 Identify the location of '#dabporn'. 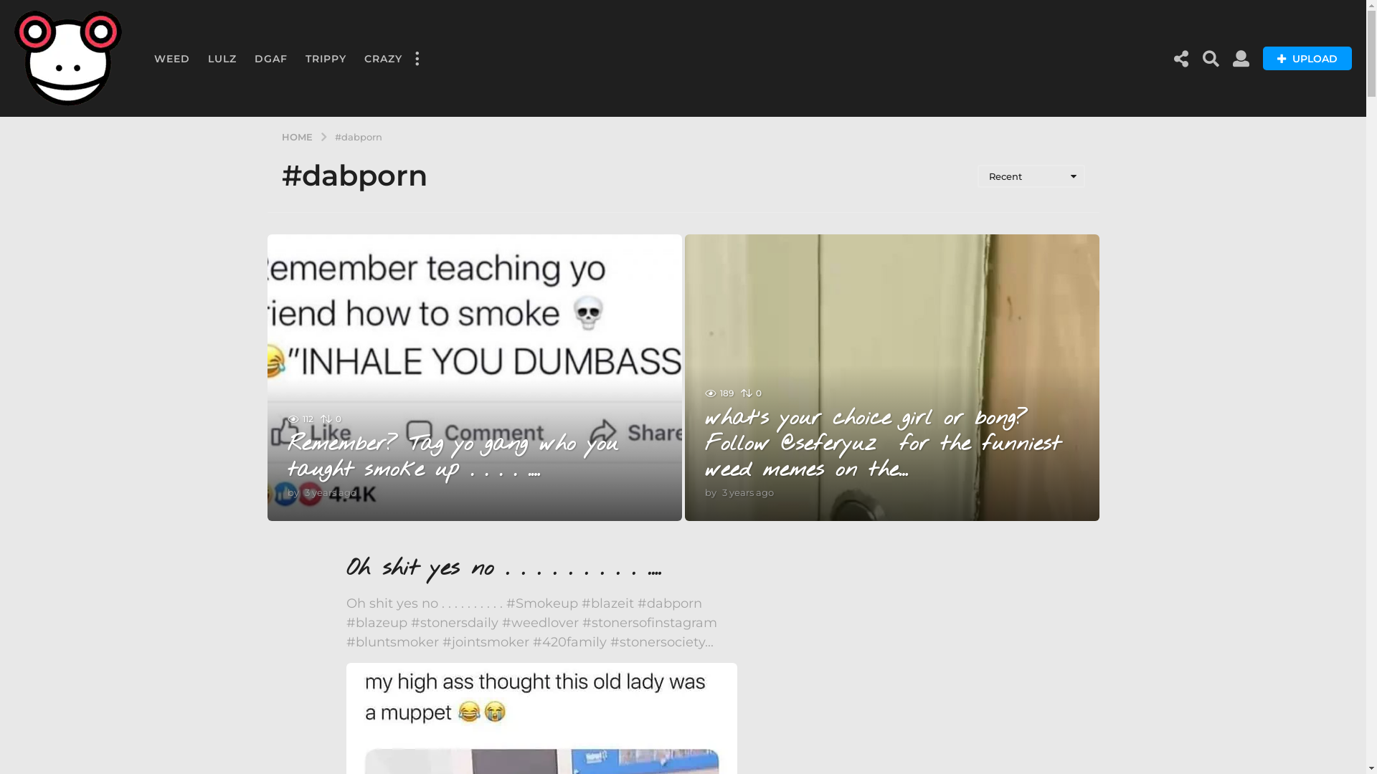
(358, 135).